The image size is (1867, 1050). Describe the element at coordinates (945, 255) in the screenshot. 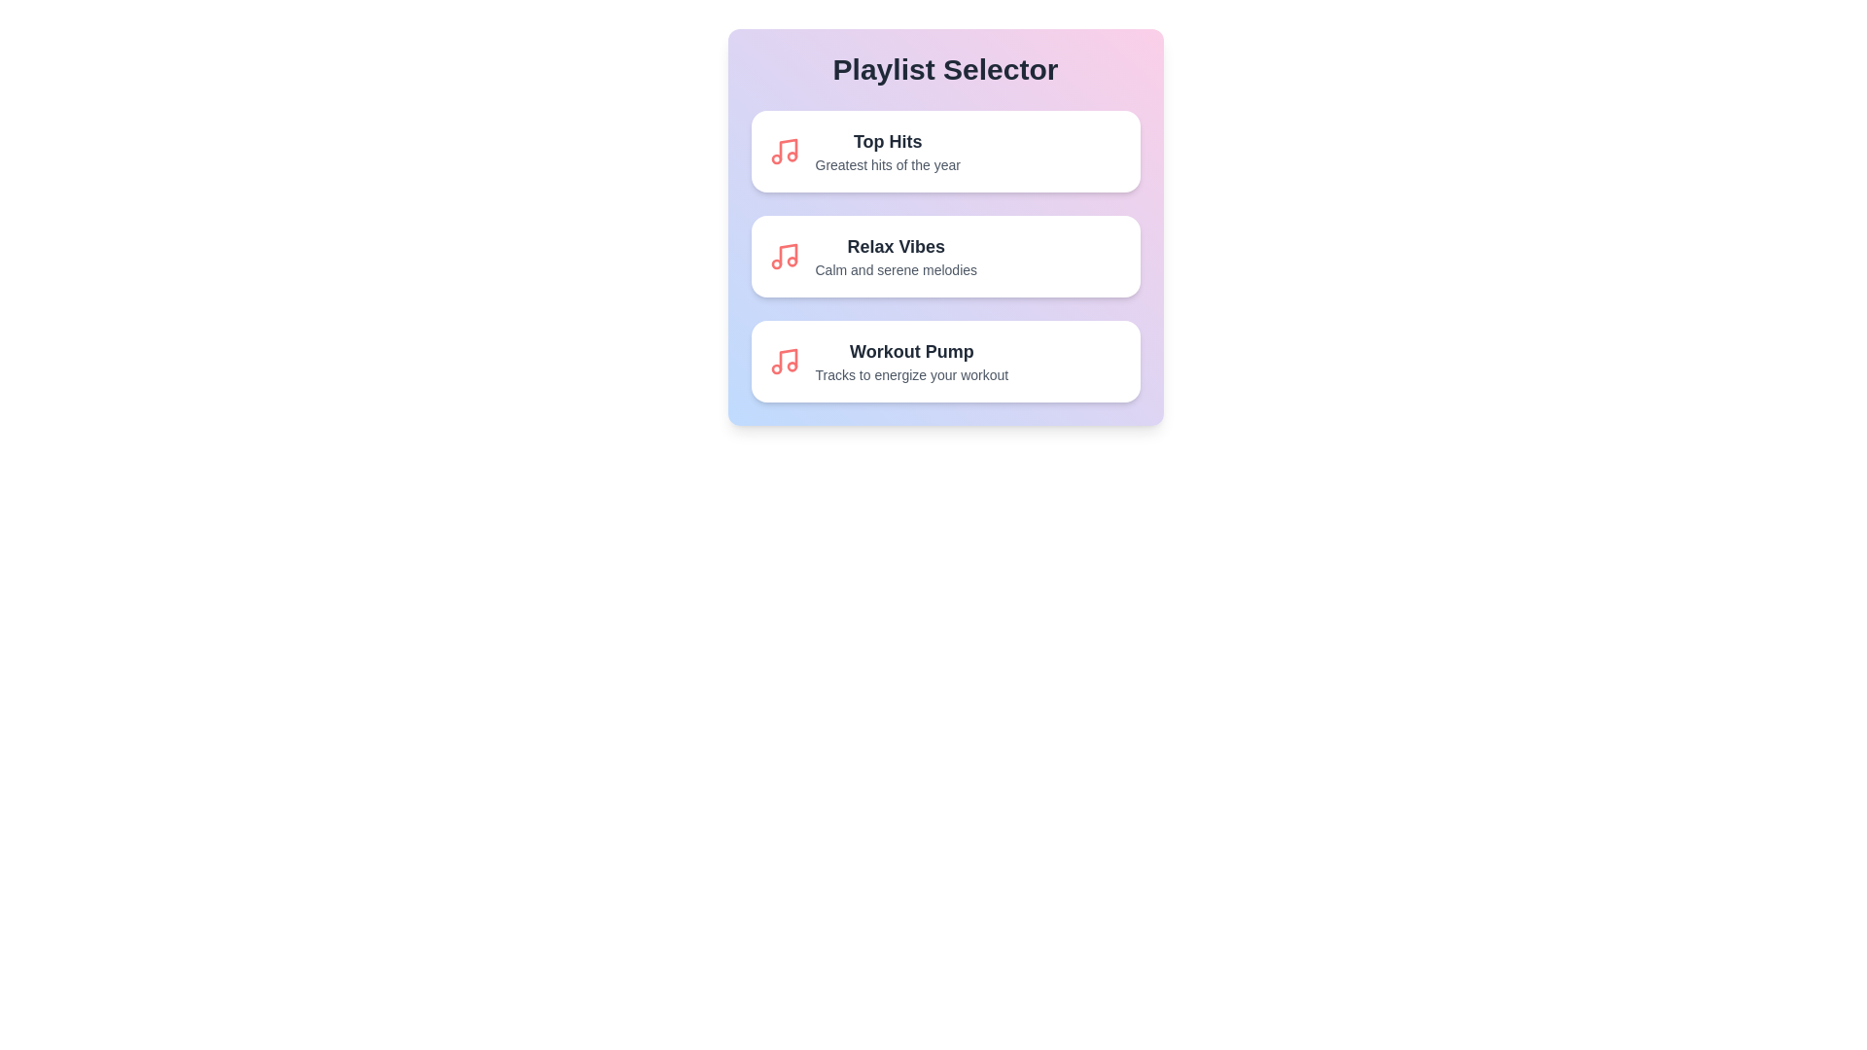

I see `the playlist item Relax Vibes` at that location.